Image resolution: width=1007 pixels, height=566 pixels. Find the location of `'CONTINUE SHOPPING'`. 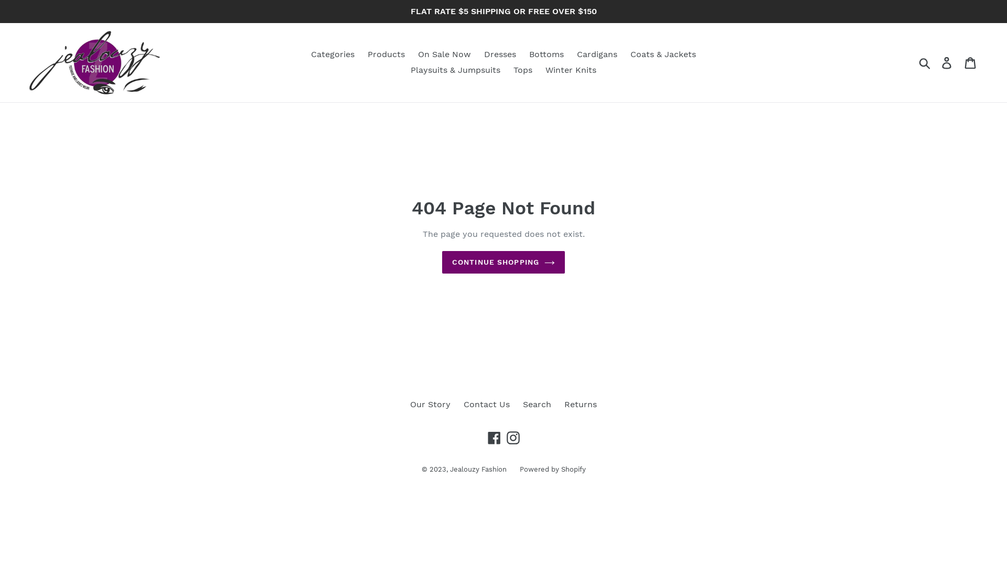

'CONTINUE SHOPPING' is located at coordinates (504, 262).